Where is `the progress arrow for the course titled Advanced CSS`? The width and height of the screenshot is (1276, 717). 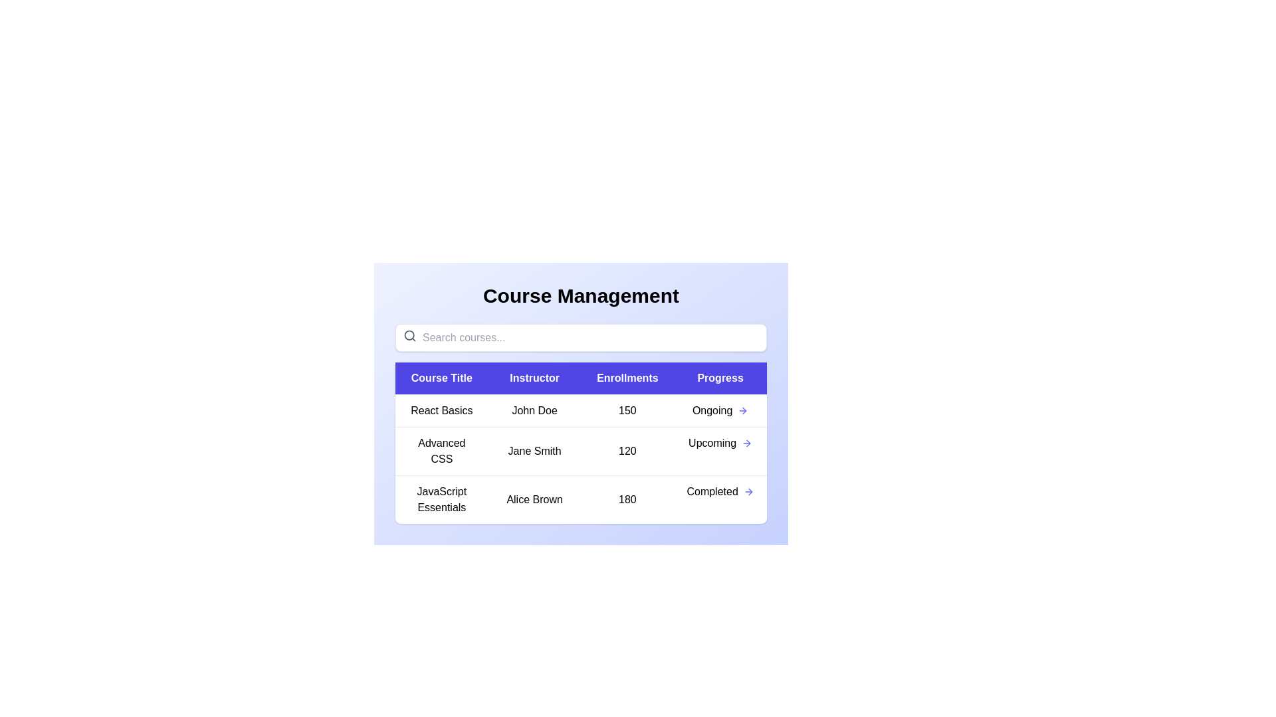
the progress arrow for the course titled Advanced CSS is located at coordinates (747, 443).